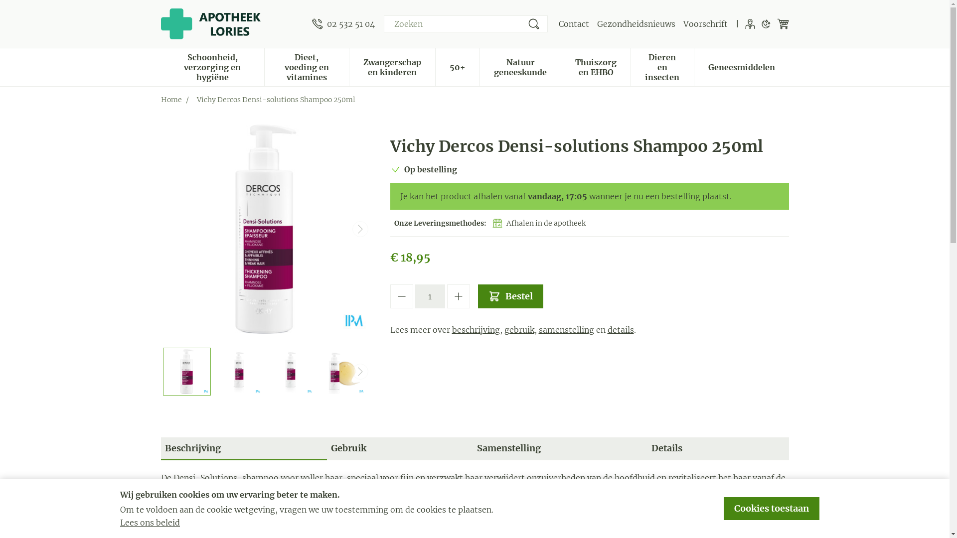  What do you see at coordinates (477, 295) in the screenshot?
I see `'Bestel'` at bounding box center [477, 295].